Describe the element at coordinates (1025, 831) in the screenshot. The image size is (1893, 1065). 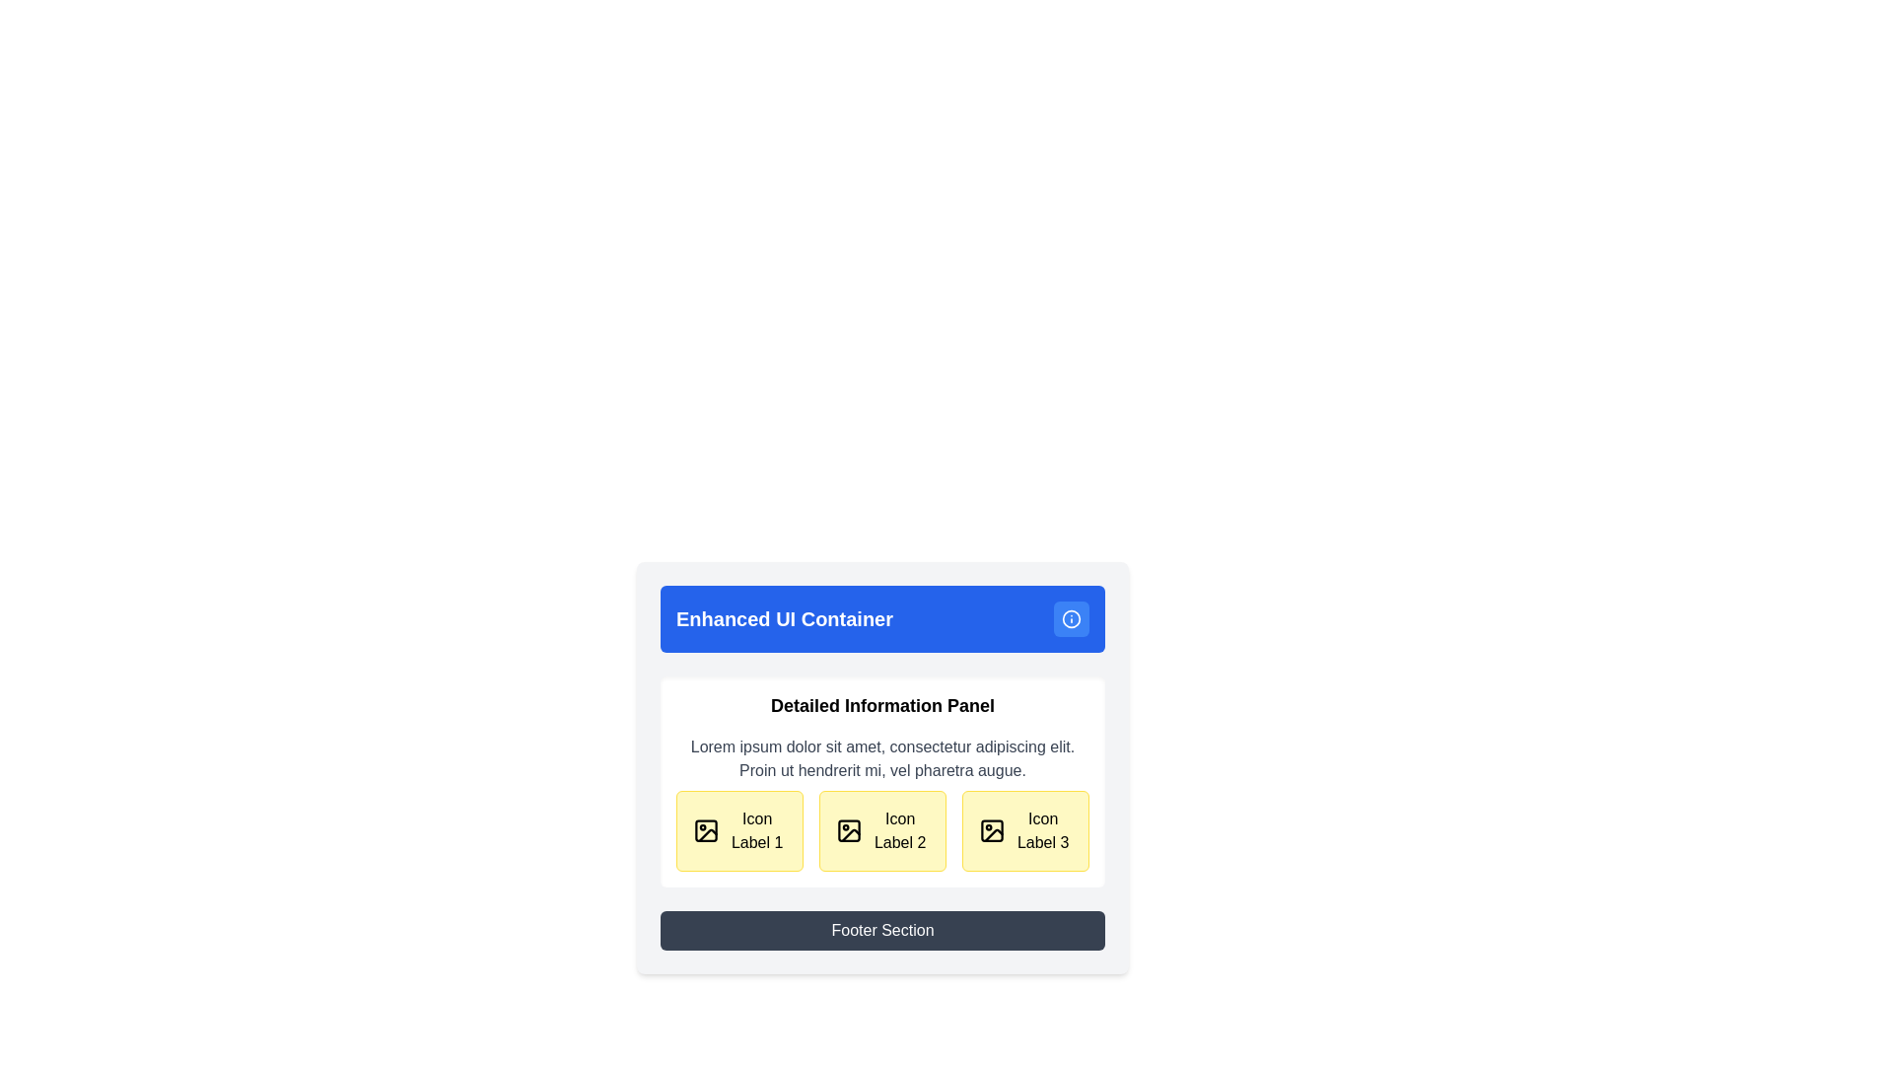
I see `label of the third yellow box containing an image icon and the text 'Icon Label 3' written in bold` at that location.